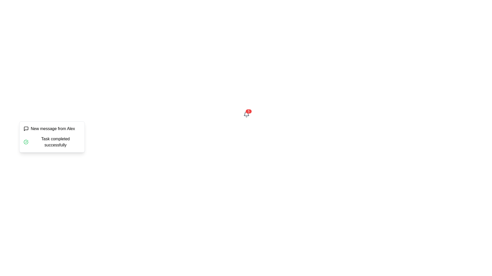 The image size is (492, 276). Describe the element at coordinates (249, 111) in the screenshot. I see `the notifications represented by the red circular Notification Badge displaying the number '5', located near the top-right corner of the bell icon` at that location.